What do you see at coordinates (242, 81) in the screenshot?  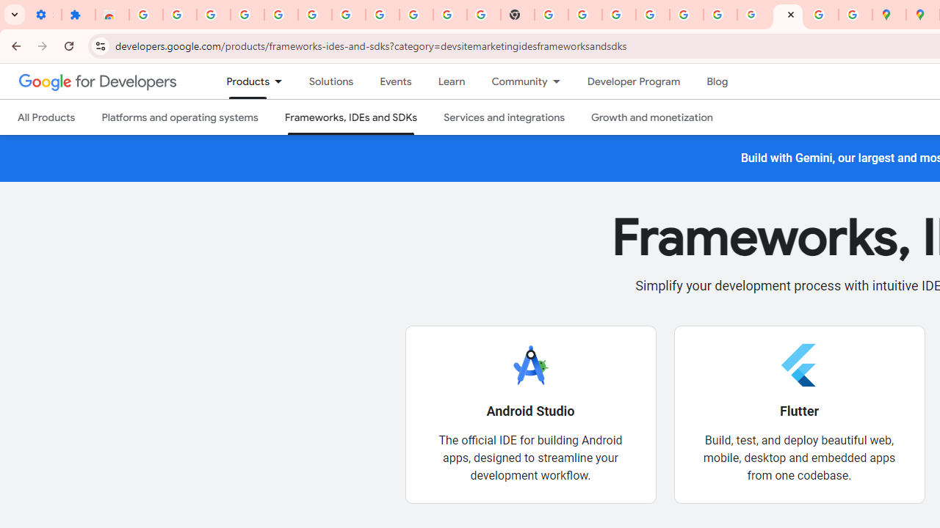 I see `'Products, selected'` at bounding box center [242, 81].